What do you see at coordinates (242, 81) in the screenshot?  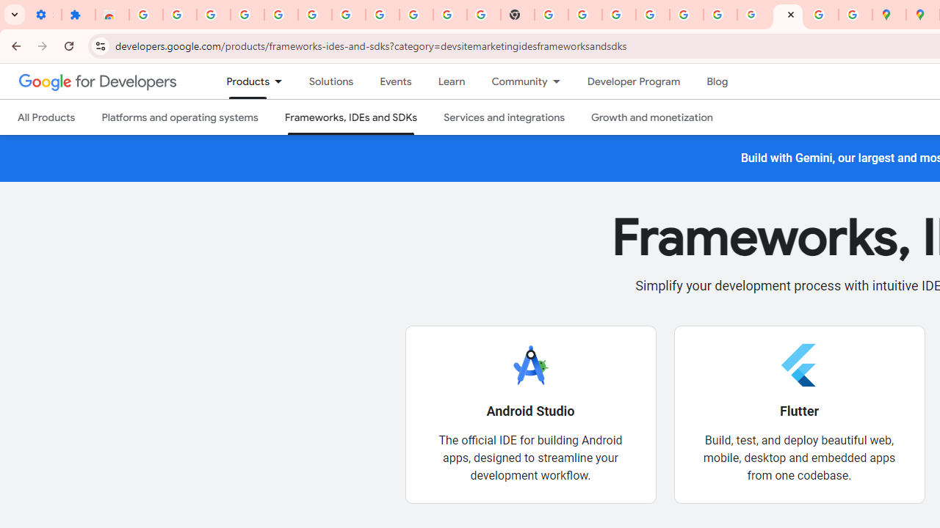 I see `'Products, selected'` at bounding box center [242, 81].